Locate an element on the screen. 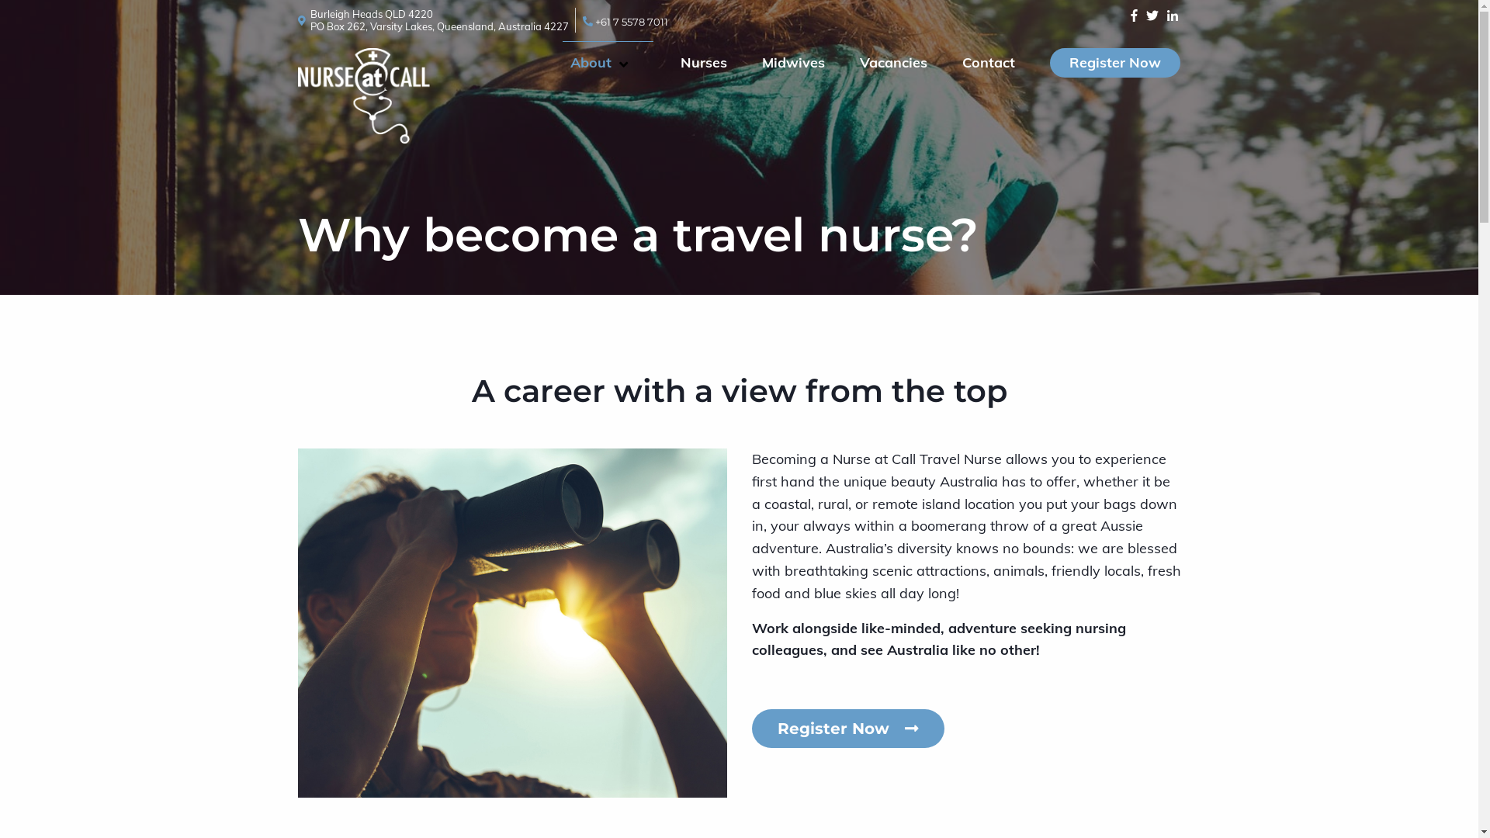 This screenshot has height=838, width=1490. 'Register Now' is located at coordinates (846, 728).